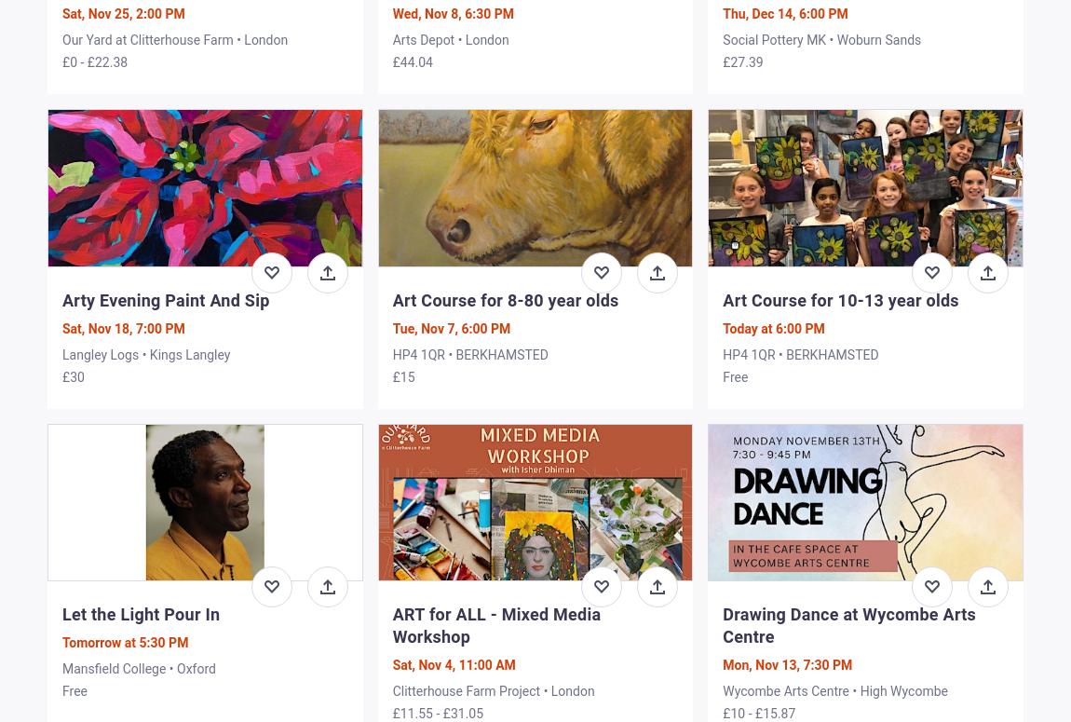 This screenshot has height=722, width=1071. What do you see at coordinates (392, 712) in the screenshot?
I see `'£11.55 - £31.05'` at bounding box center [392, 712].